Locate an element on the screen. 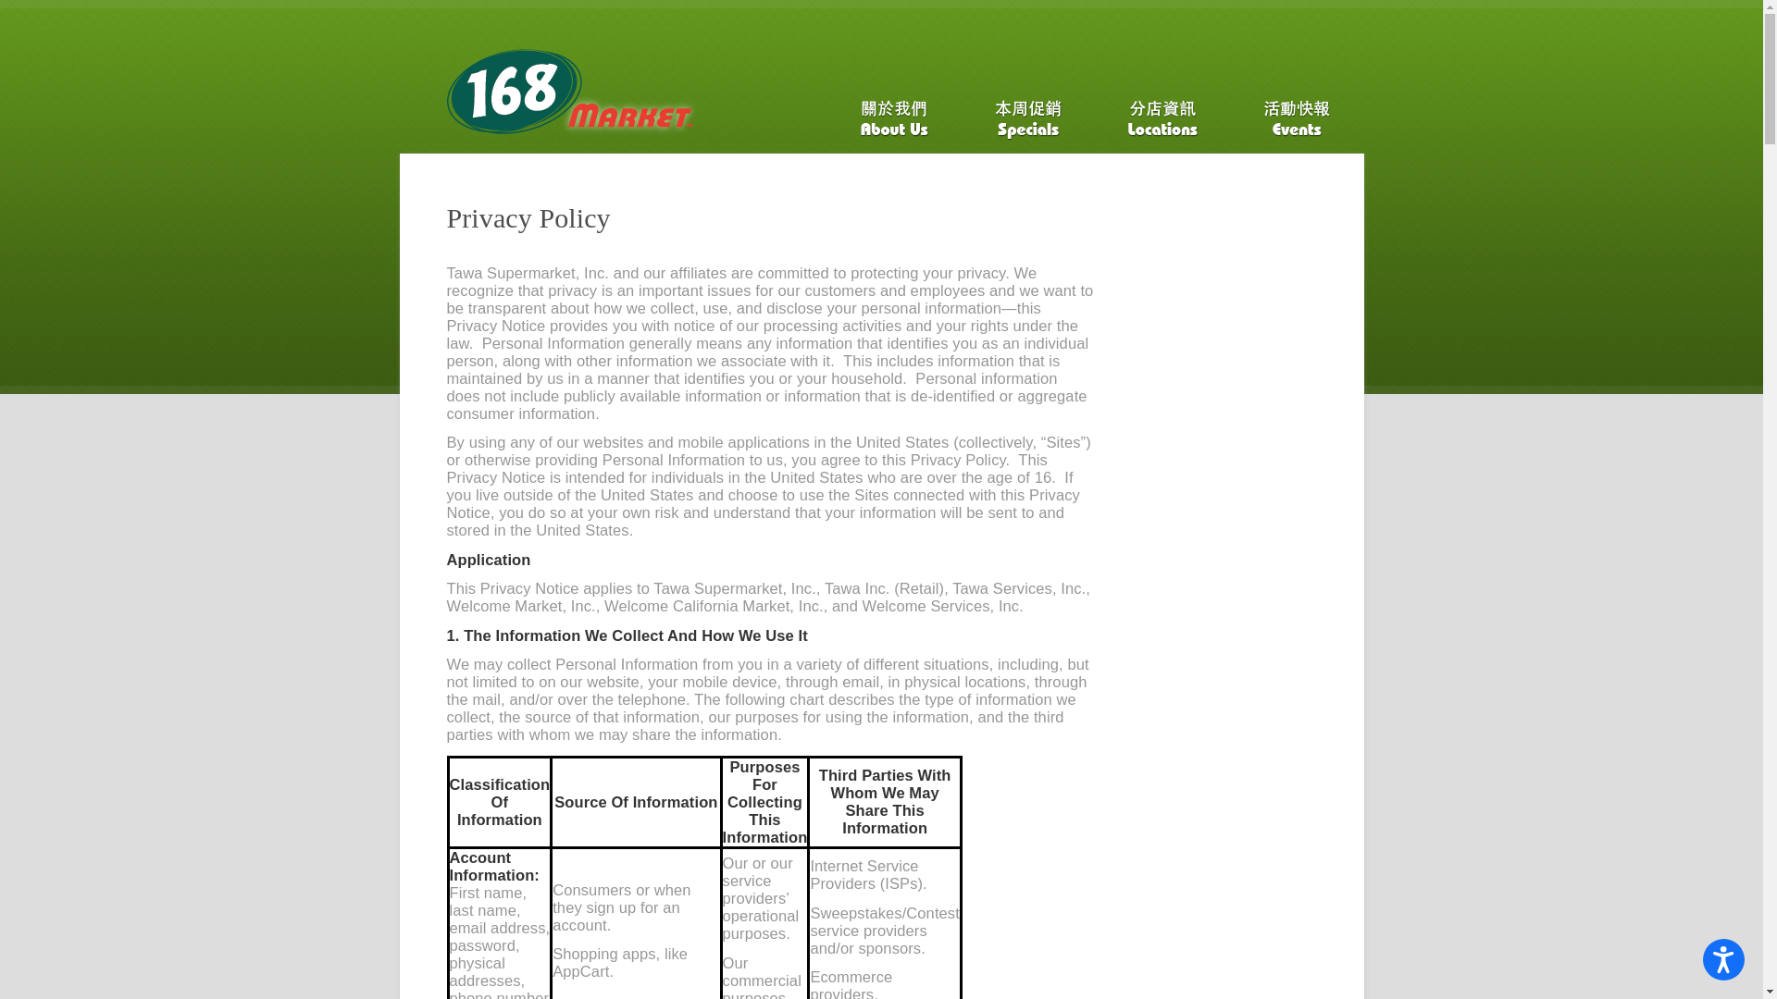 The height and width of the screenshot is (999, 1777). '168 Market' is located at coordinates (445, 100).